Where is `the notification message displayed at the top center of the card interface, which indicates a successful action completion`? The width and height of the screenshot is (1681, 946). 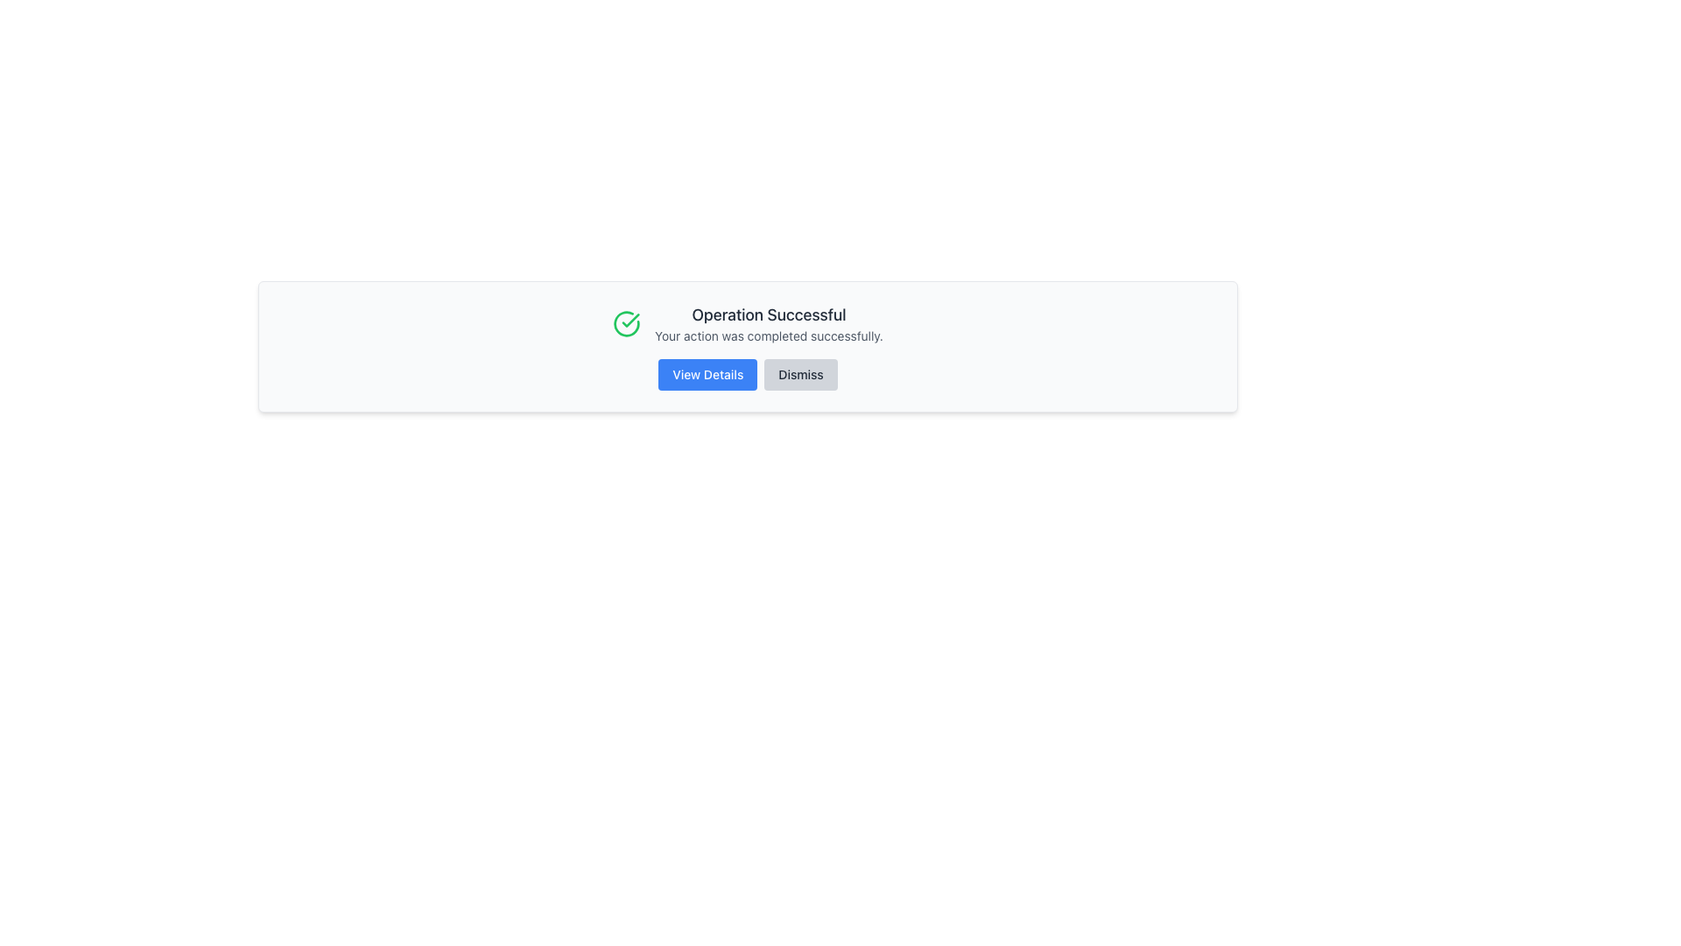 the notification message displayed at the top center of the card interface, which indicates a successful action completion is located at coordinates (748, 324).